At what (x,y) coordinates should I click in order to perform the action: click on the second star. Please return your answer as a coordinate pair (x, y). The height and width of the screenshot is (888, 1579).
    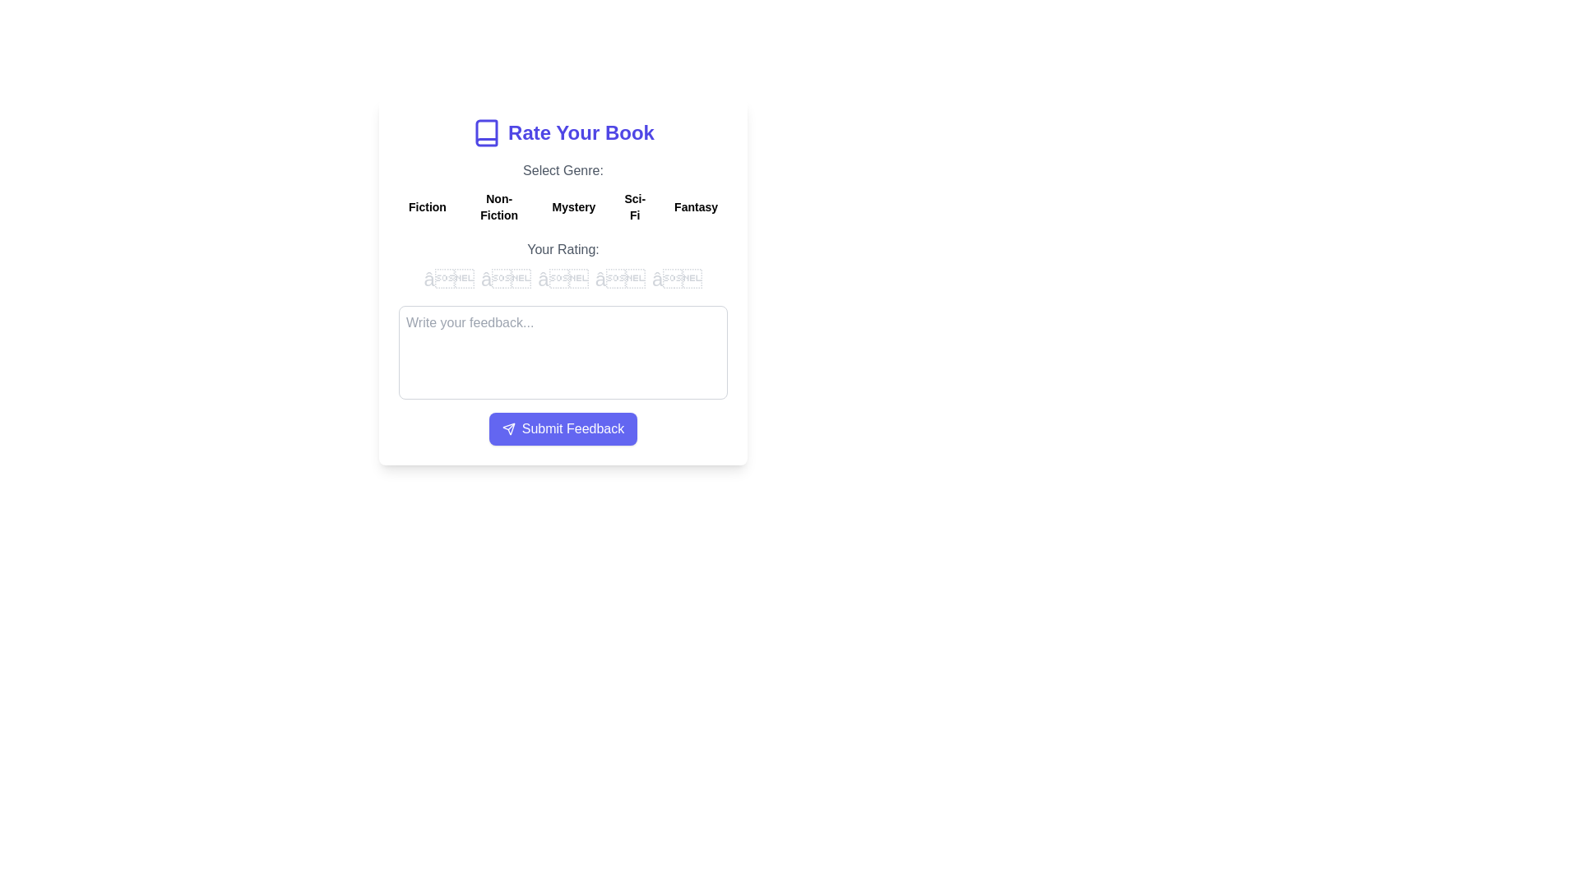
    Looking at the image, I should click on (505, 278).